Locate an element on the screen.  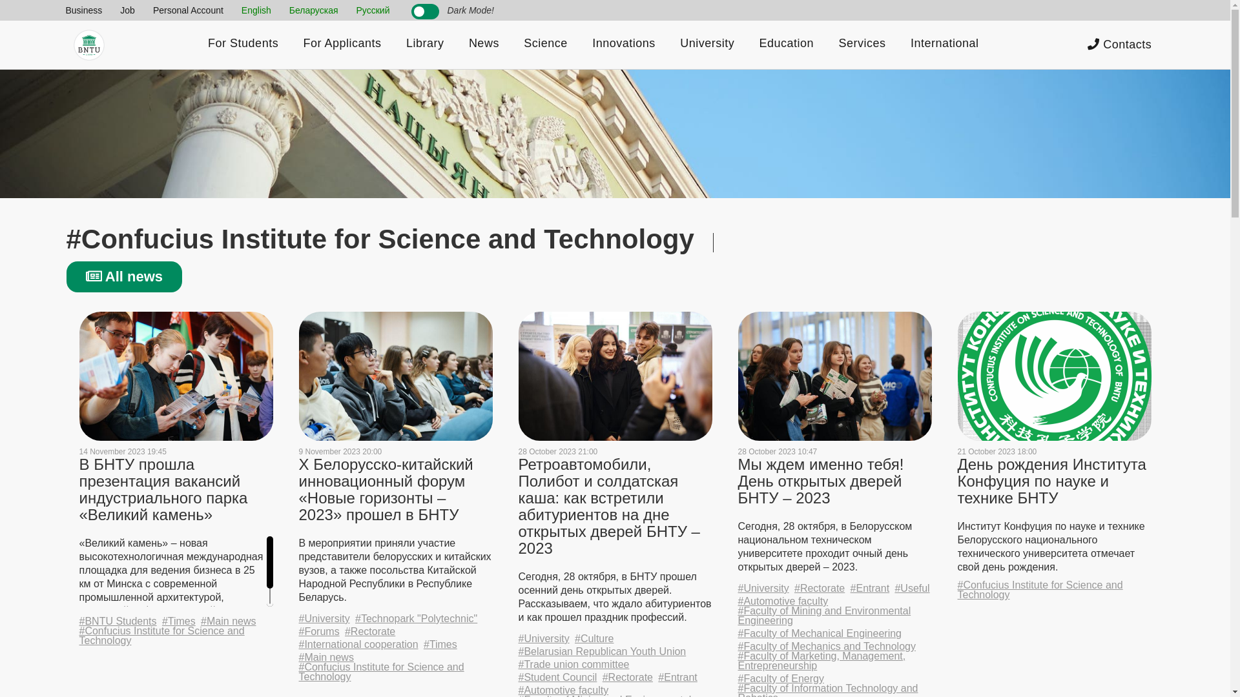
'#Faculty of Energy' is located at coordinates (780, 678).